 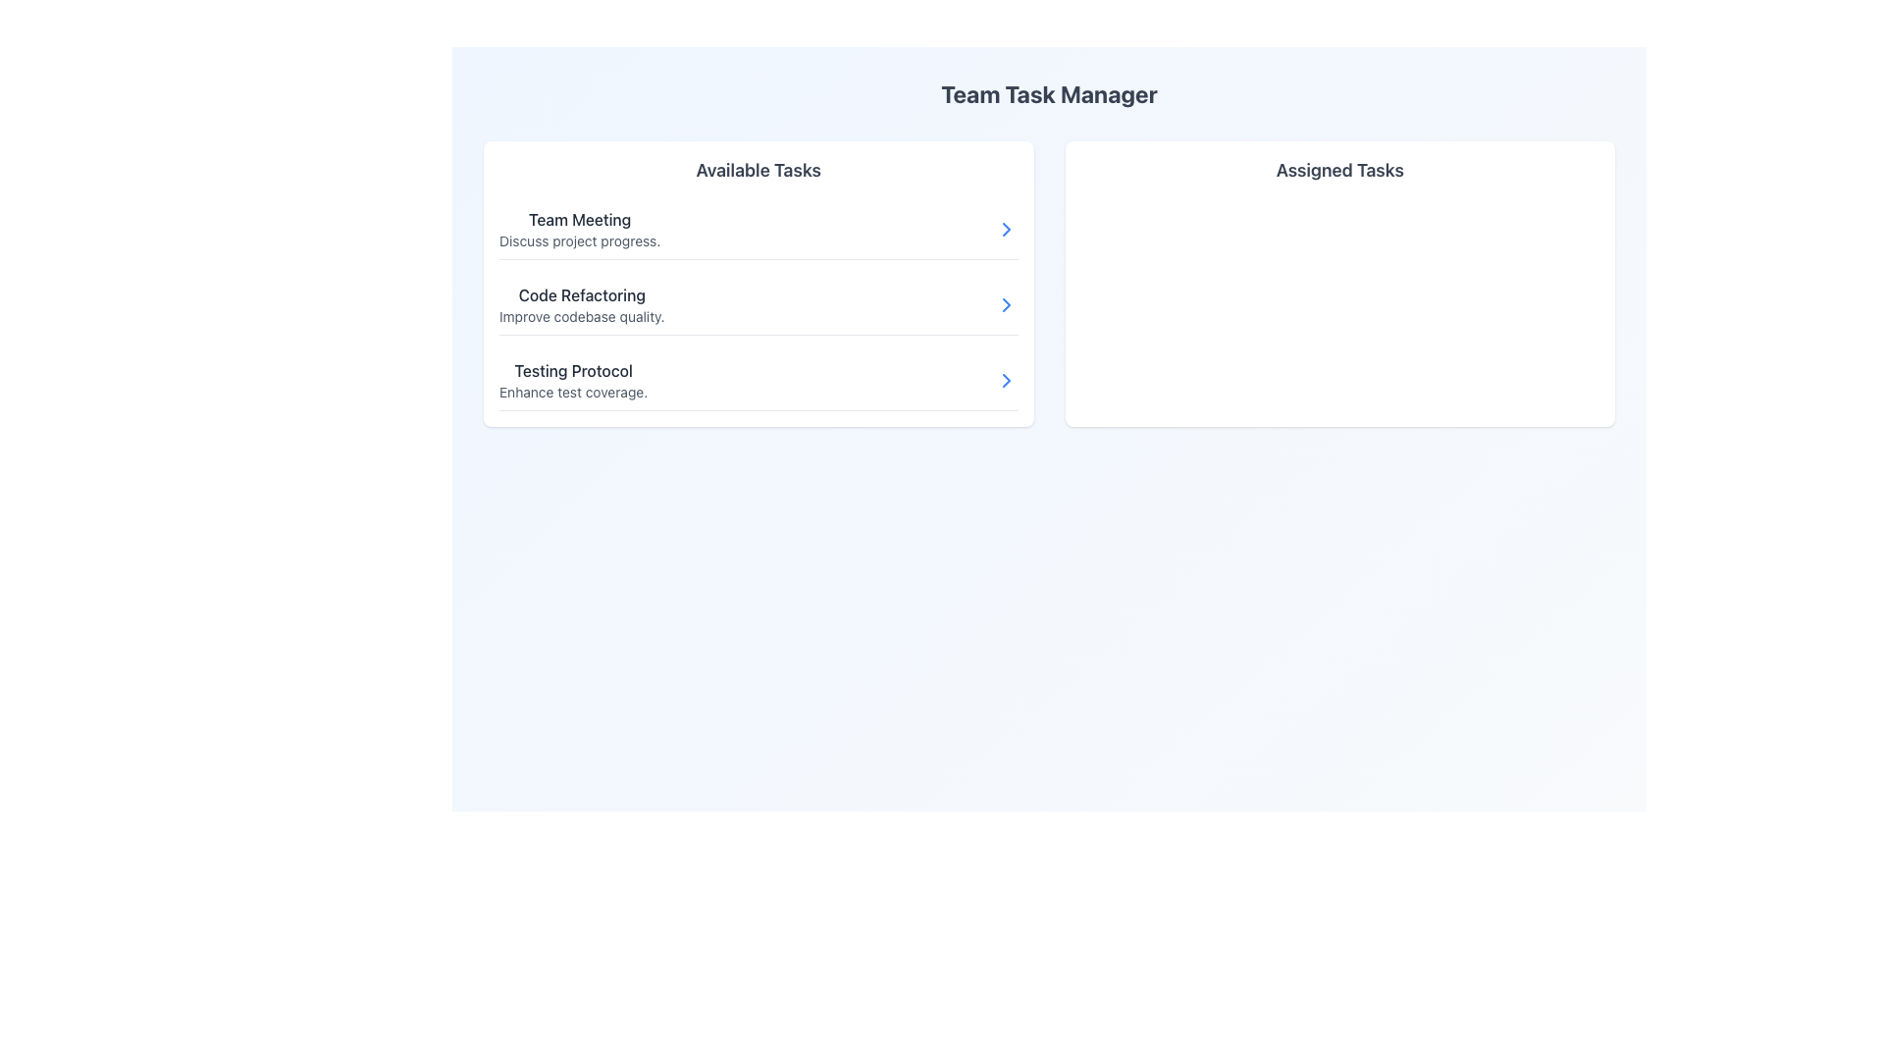 What do you see at coordinates (1006, 305) in the screenshot?
I see `the right-pointing chevron arrow button next to the 'Code Refactoring' task in the 'Available Tasks' list` at bounding box center [1006, 305].